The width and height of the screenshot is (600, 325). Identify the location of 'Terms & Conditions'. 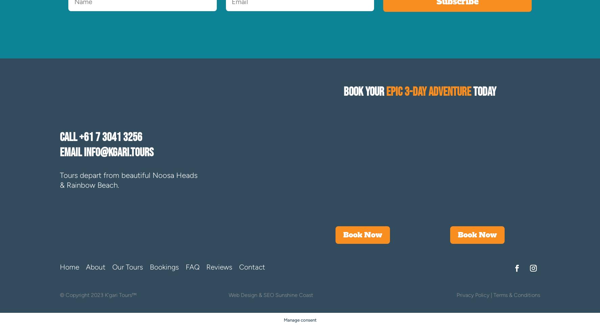
(516, 295).